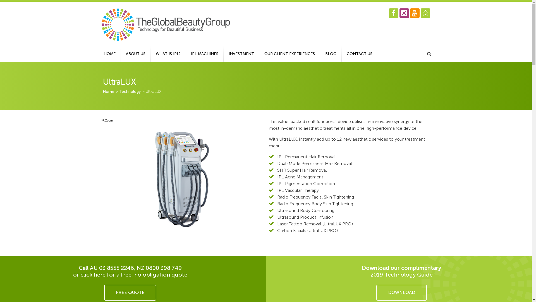  Describe the element at coordinates (359, 54) in the screenshot. I see `'CONTACT US'` at that location.